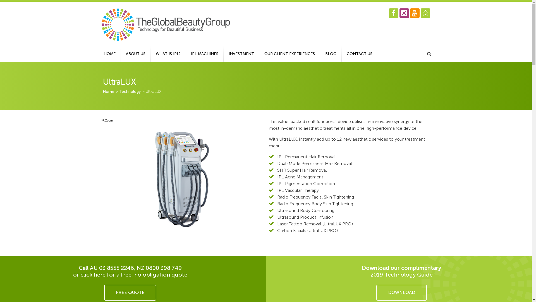  Describe the element at coordinates (359, 54) in the screenshot. I see `'CONTACT US'` at that location.